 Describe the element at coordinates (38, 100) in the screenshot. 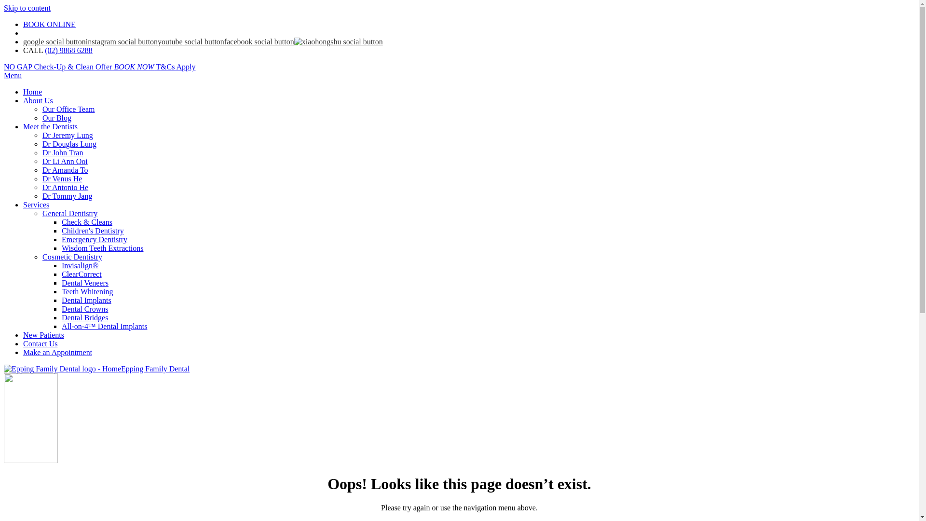

I see `'About Us'` at that location.